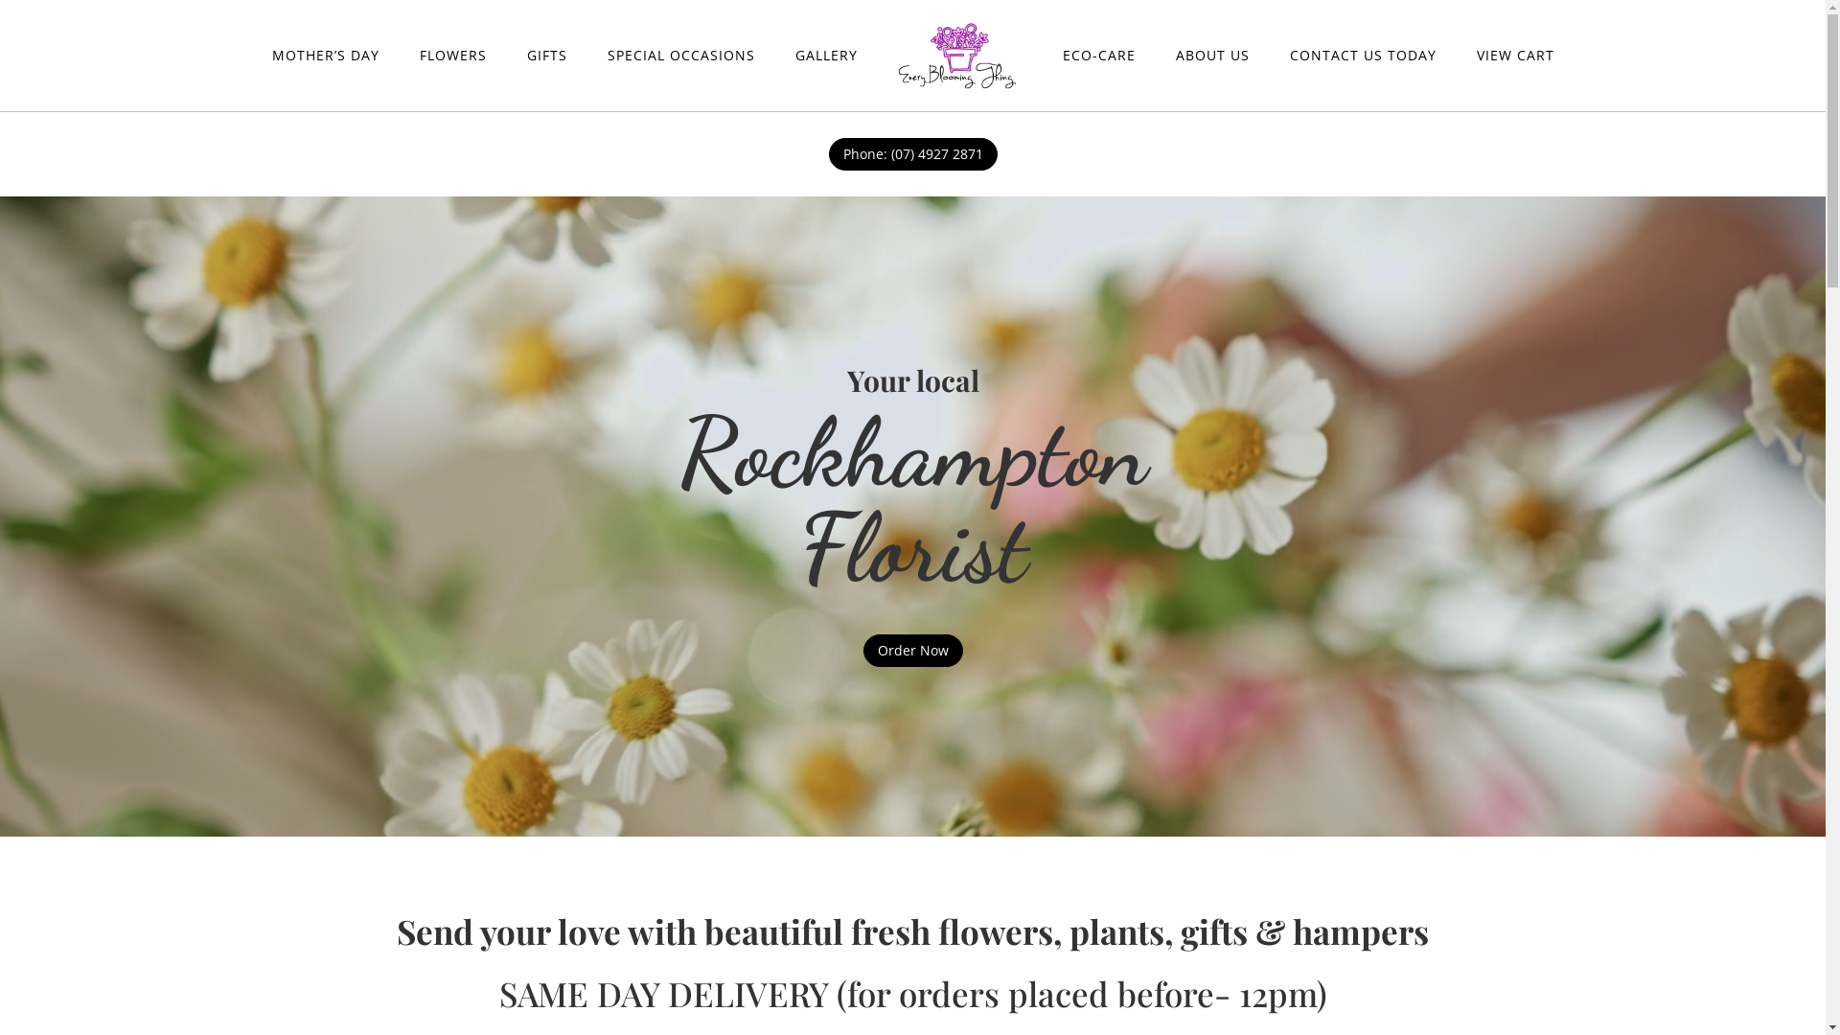  I want to click on 'Order Now', so click(910, 649).